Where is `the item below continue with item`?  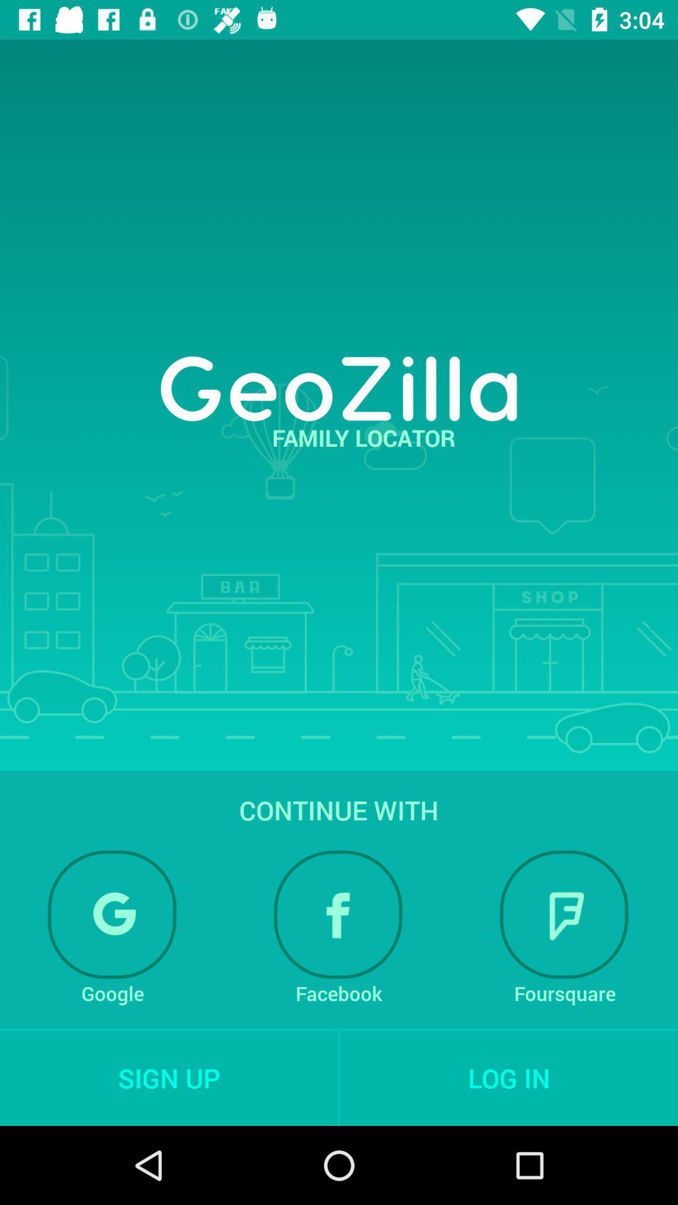
the item below continue with item is located at coordinates (338, 914).